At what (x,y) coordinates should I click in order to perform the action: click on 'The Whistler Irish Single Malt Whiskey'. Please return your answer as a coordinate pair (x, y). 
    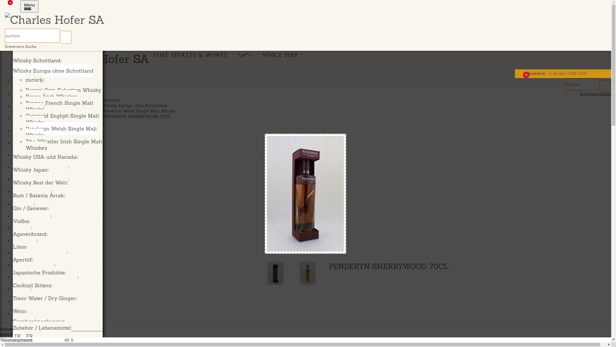
    Looking at the image, I should click on (26, 145).